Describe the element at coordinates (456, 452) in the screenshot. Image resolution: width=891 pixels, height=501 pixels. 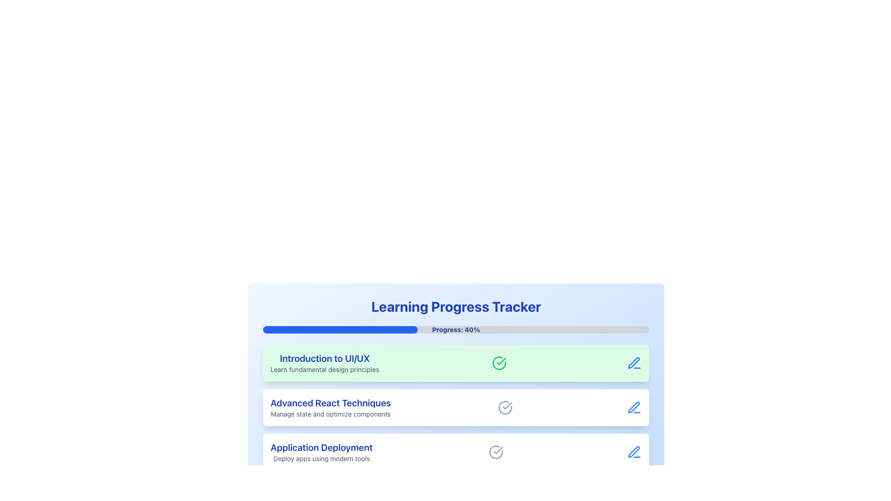
I see `the List item titled 'Application Deployment'` at that location.